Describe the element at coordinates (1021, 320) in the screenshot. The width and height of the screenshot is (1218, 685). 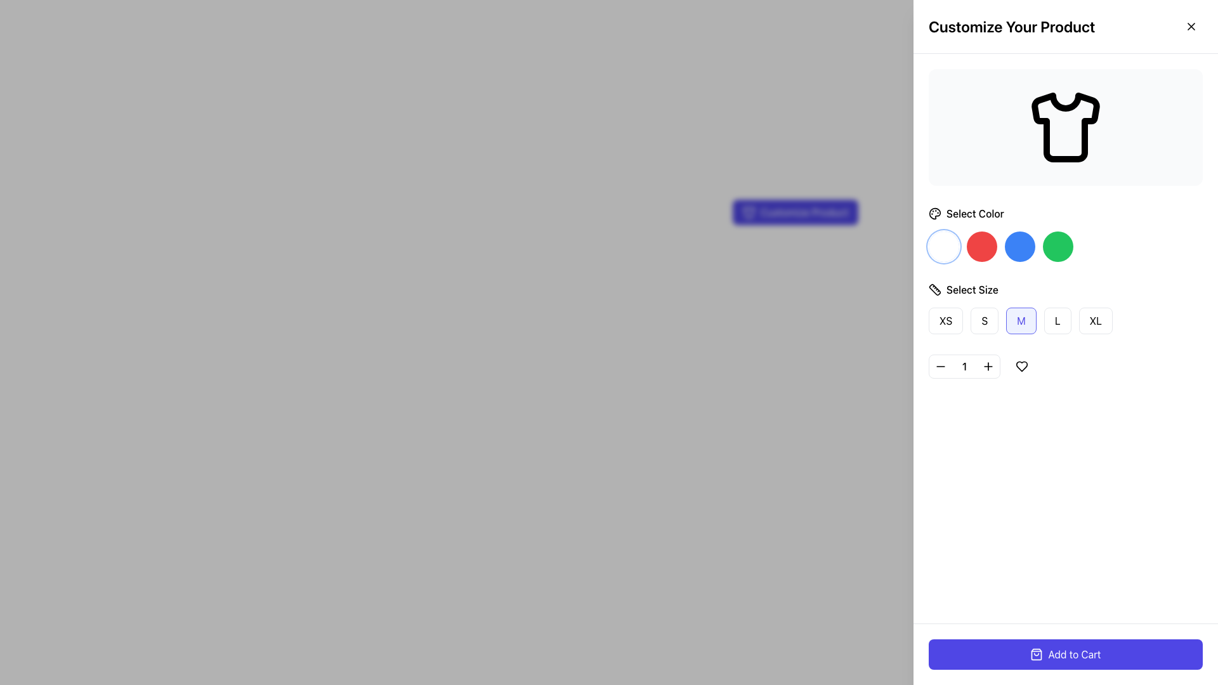
I see `the 'M' button with a light indigo background` at that location.